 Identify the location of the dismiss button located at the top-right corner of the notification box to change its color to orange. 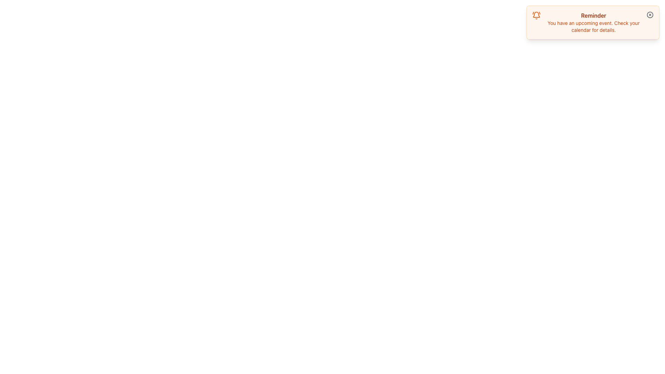
(649, 15).